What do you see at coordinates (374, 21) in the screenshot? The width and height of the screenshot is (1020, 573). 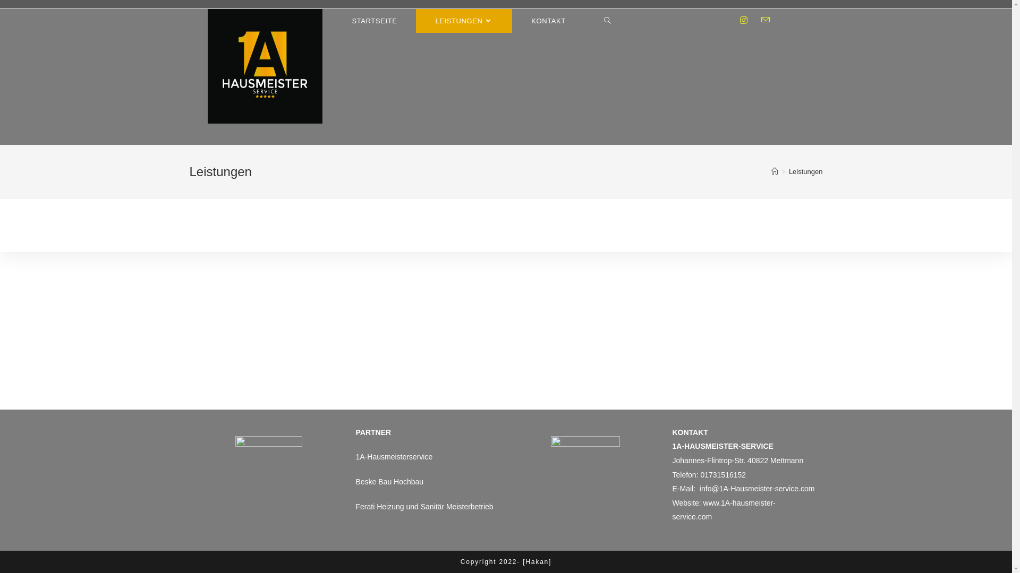 I see `'STARTSEITE'` at bounding box center [374, 21].